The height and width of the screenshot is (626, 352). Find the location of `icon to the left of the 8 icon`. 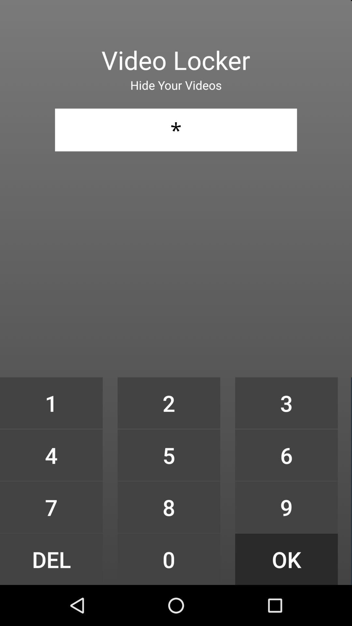

icon to the left of the 8 icon is located at coordinates (51, 559).